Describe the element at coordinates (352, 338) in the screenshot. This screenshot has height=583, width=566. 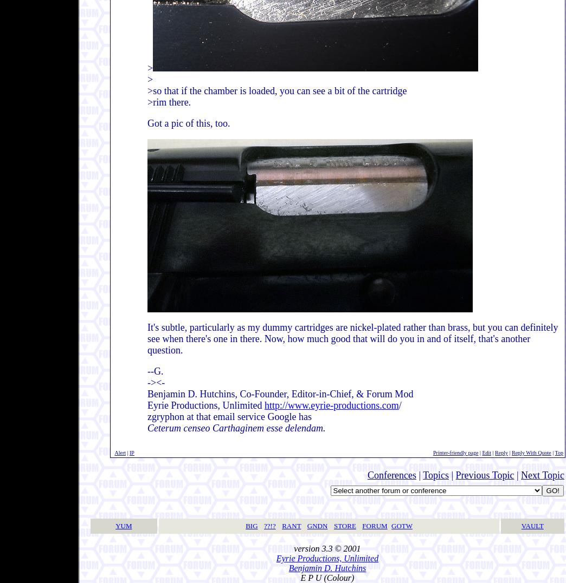
I see `'It's subtle, particularly as my dummy cartridges are nickel-plated rather than brass, but you can definitely see when there's one in there.  Now, how much good that will do you in and of itself, that's another question.'` at that location.